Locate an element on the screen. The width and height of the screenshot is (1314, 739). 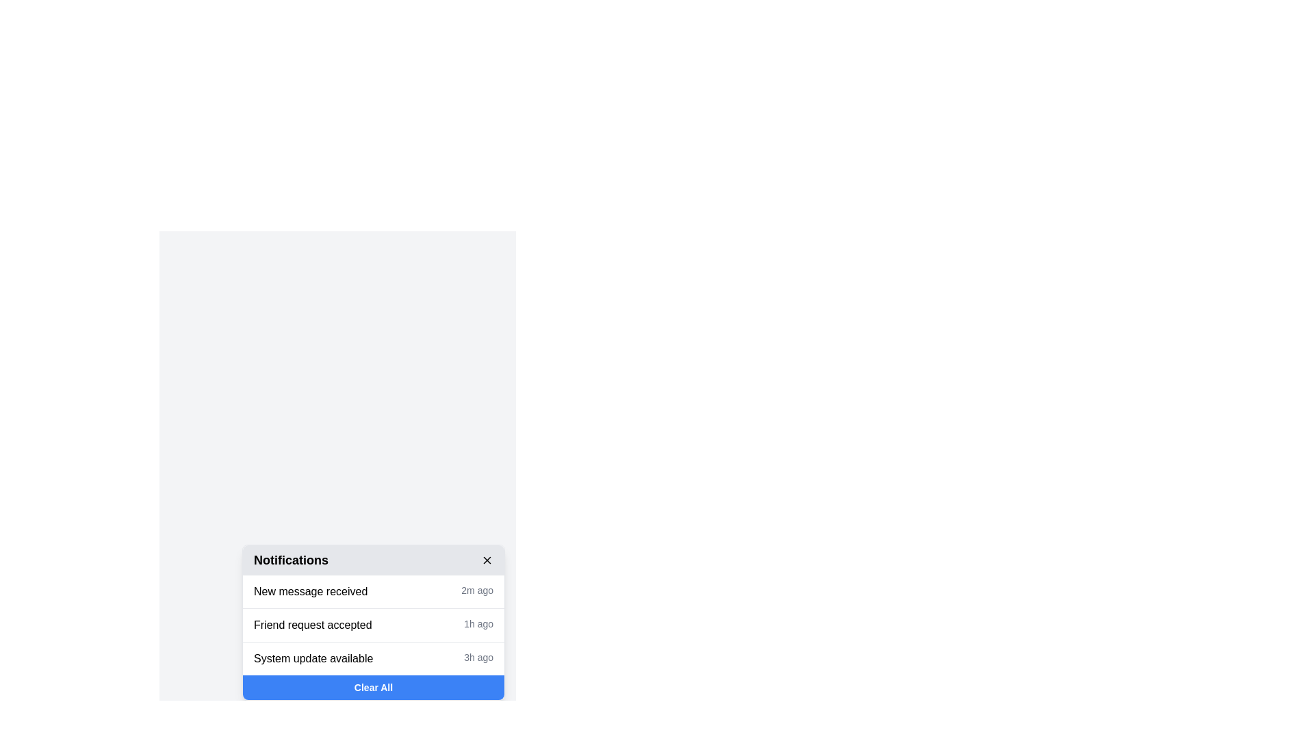
the notification item displaying 'System update available' with a timestamp '3h ago', located at the bottom of the notification list is located at coordinates (374, 658).